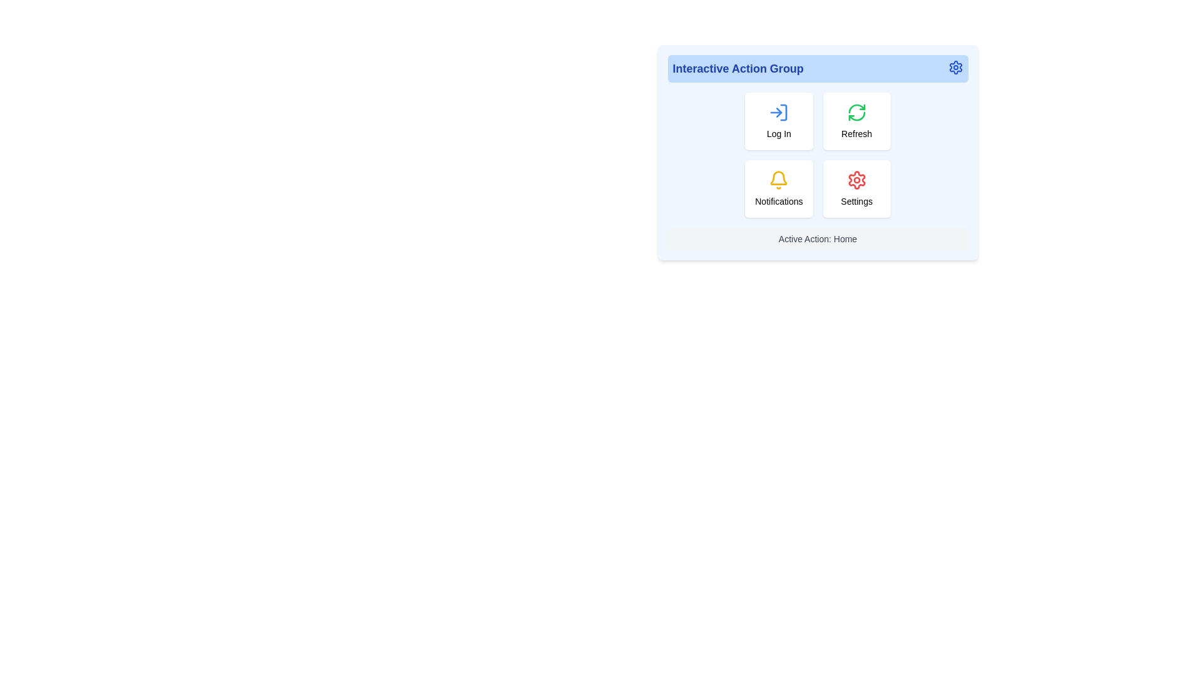 The width and height of the screenshot is (1202, 676). What do you see at coordinates (856, 121) in the screenshot?
I see `the 'Refresh' button, which features a green circular arrow icon and is located in the top-right position of the grid under 'Interactive Action Group'` at bounding box center [856, 121].